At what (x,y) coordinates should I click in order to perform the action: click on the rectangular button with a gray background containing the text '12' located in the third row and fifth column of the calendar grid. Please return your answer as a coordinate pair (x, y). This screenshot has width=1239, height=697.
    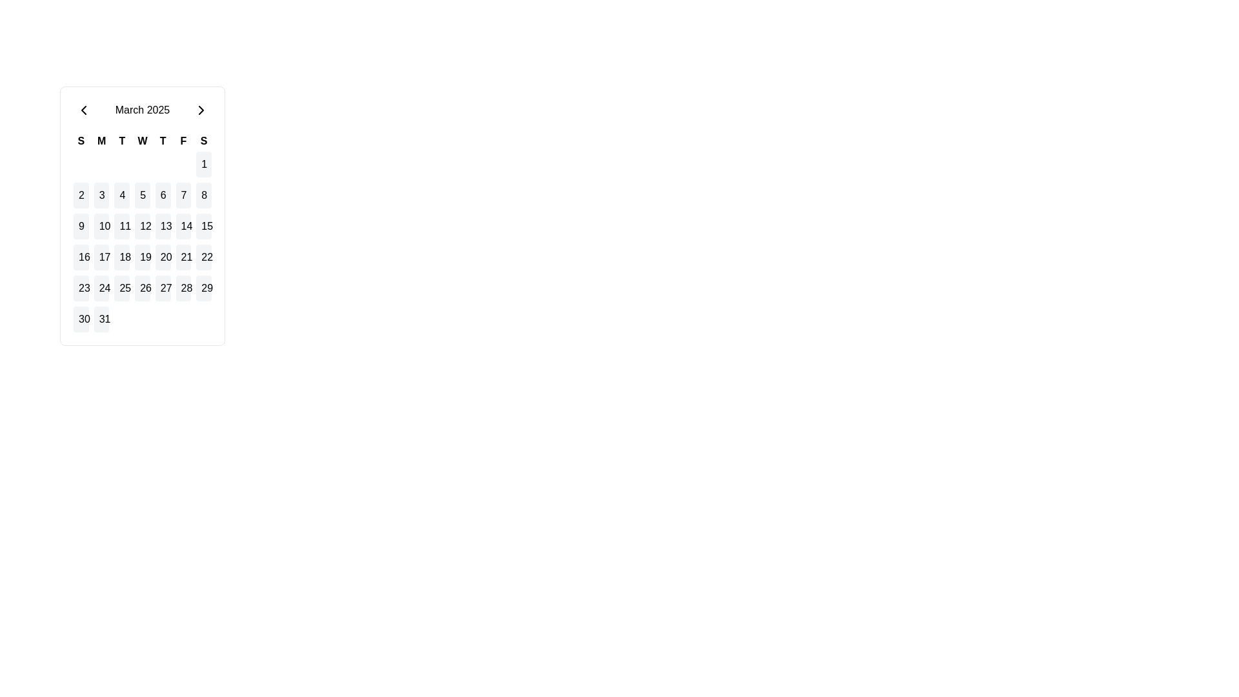
    Looking at the image, I should click on (142, 226).